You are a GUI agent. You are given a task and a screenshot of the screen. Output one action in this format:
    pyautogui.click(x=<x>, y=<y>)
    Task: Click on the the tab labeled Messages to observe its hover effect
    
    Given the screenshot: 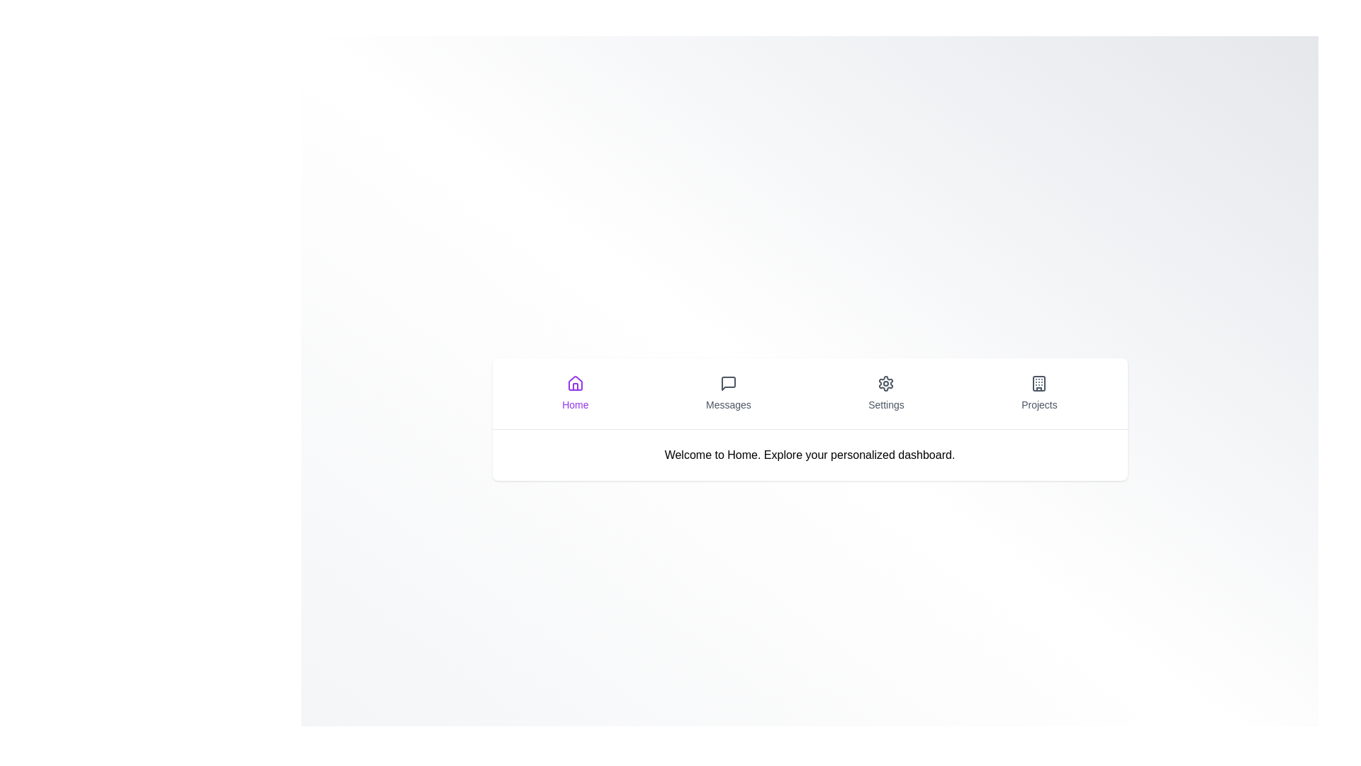 What is the action you would take?
    pyautogui.click(x=728, y=393)
    